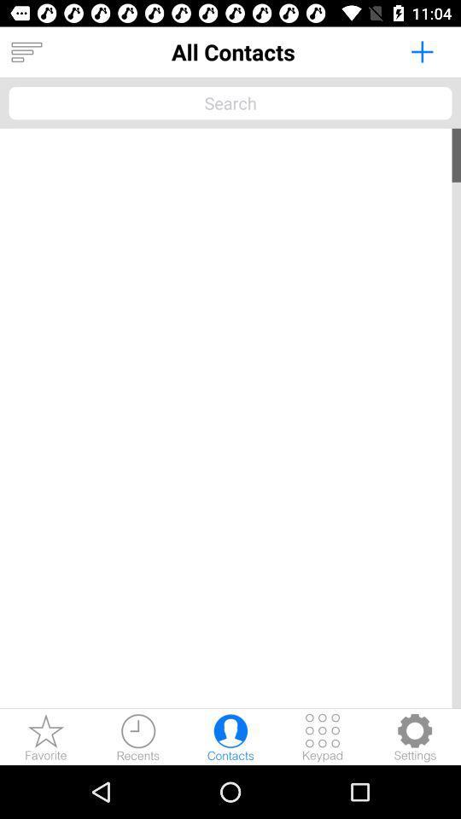 This screenshot has width=461, height=819. Describe the element at coordinates (26, 52) in the screenshot. I see `open menu` at that location.